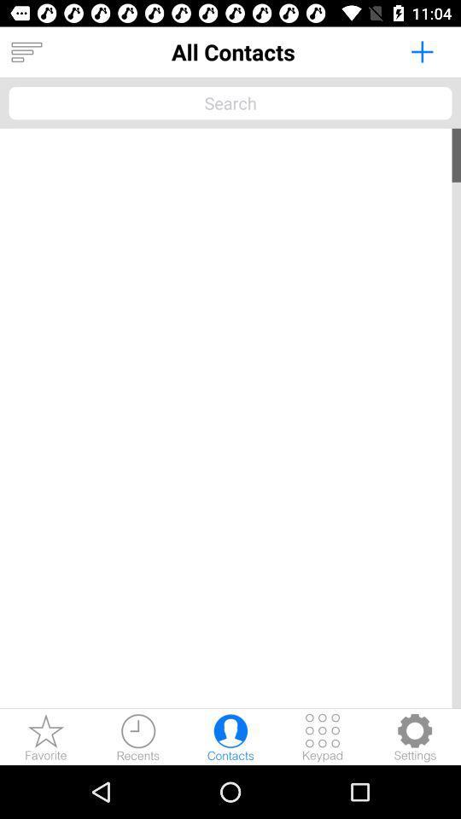 This screenshot has width=461, height=819. Describe the element at coordinates (26, 52) in the screenshot. I see `open menu` at that location.